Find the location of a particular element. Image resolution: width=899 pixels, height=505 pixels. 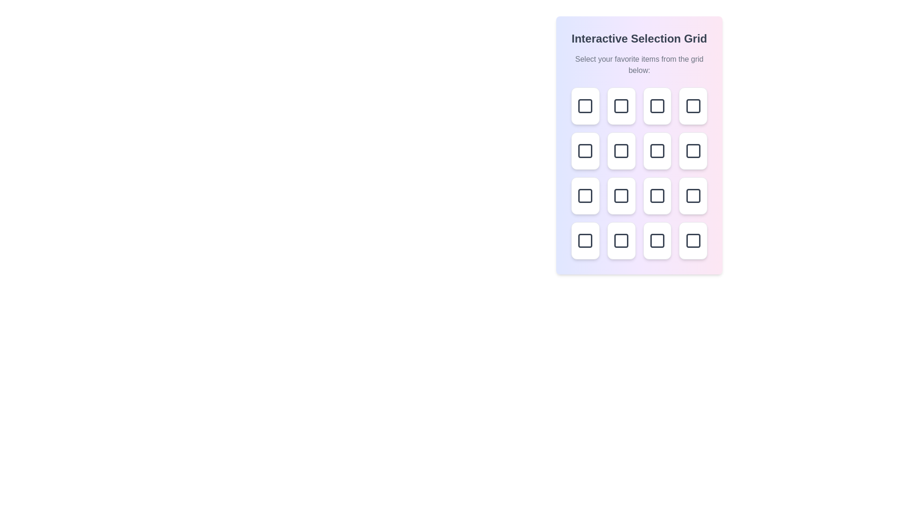

the selectable grid item located in the fourth row and third column of the 'Interactive Selection Grid' to potentially trigger a tooltip or highlighting effect is located at coordinates (693, 195).